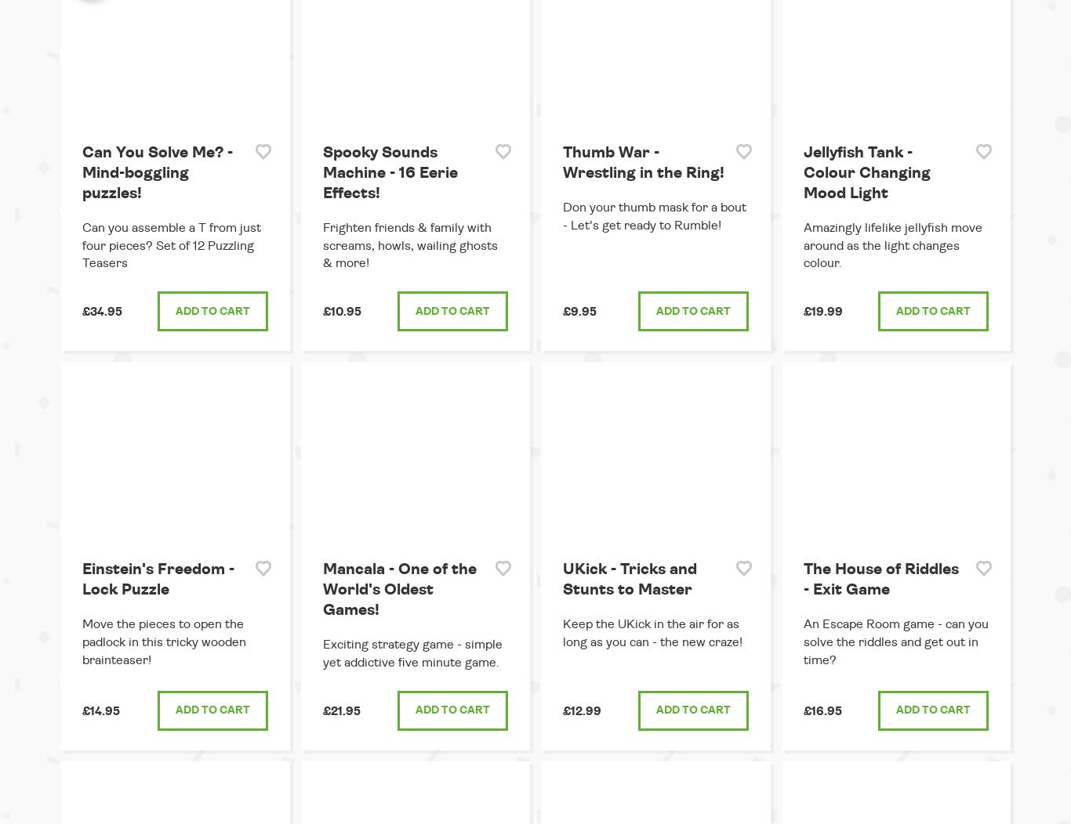 The image size is (1071, 824). What do you see at coordinates (879, 579) in the screenshot?
I see `'The House of Riddles - Exit Game'` at bounding box center [879, 579].